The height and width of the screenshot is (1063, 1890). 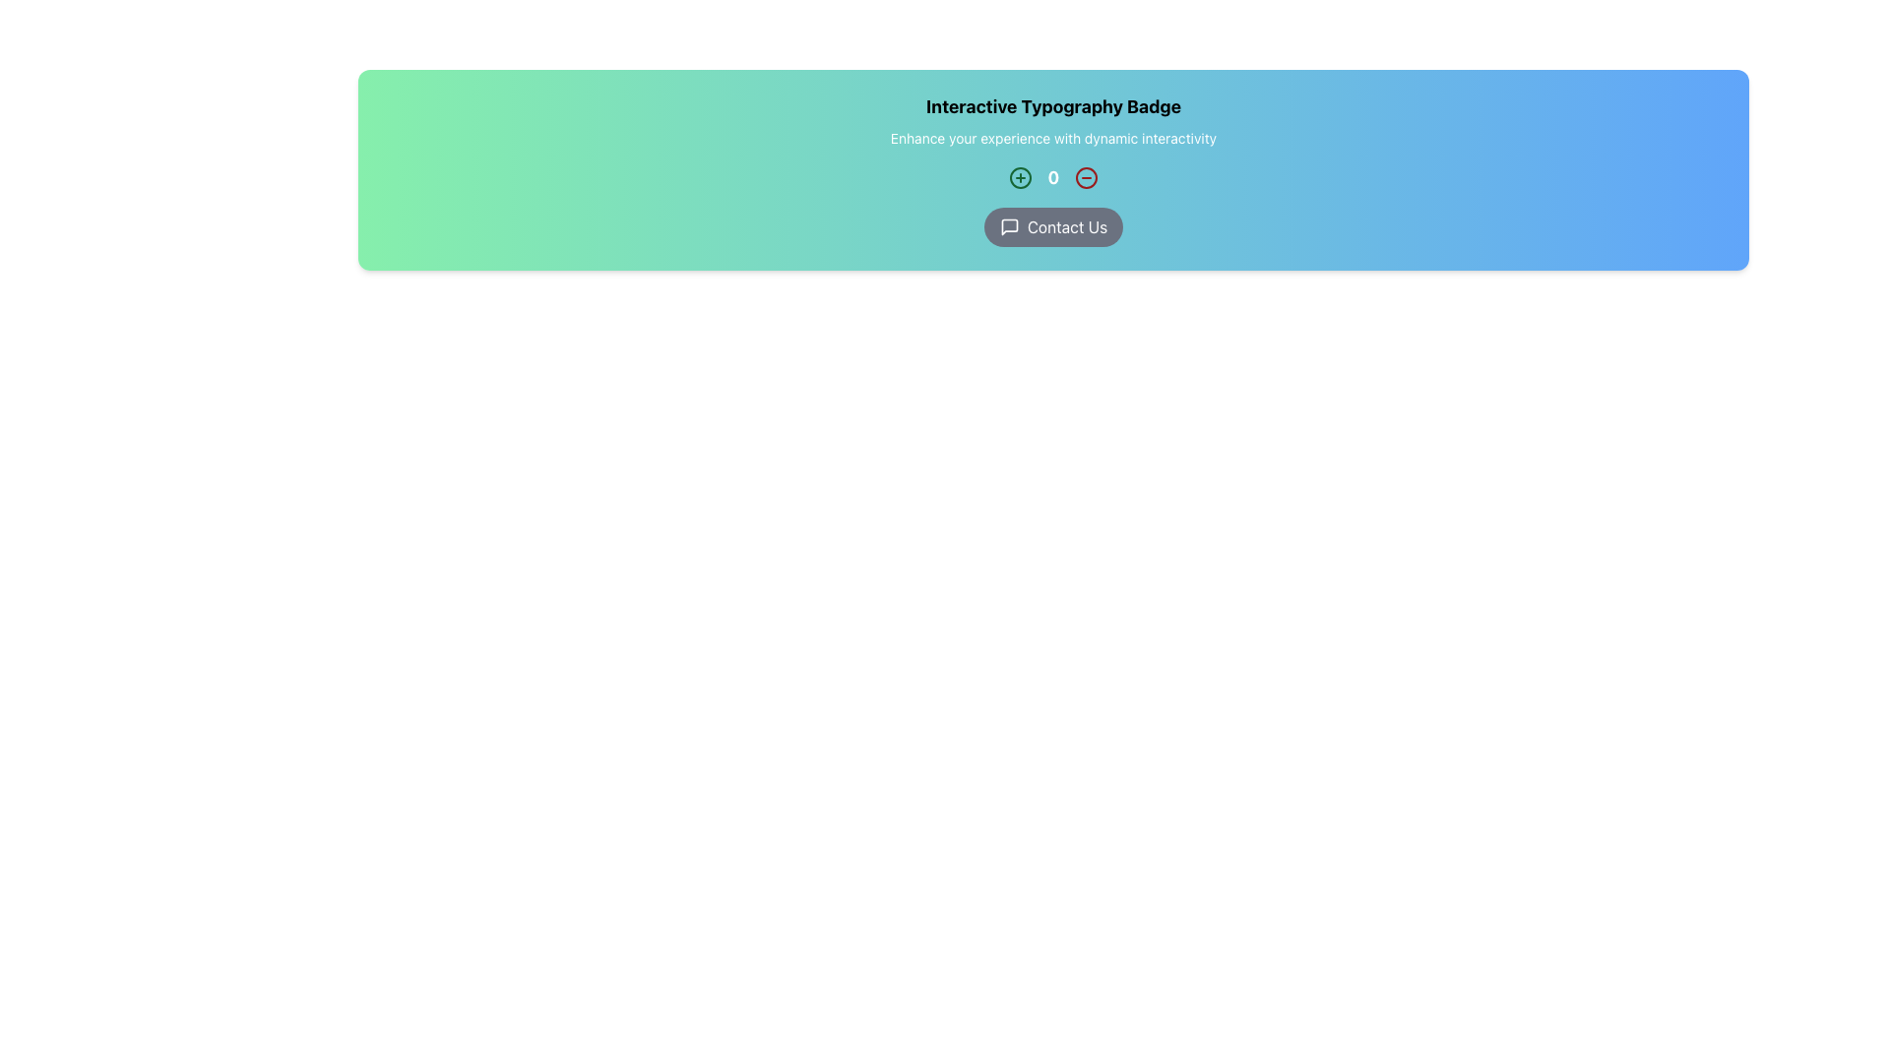 I want to click on the decrement button located to the right of the zero value indicator, so click(x=1086, y=178).